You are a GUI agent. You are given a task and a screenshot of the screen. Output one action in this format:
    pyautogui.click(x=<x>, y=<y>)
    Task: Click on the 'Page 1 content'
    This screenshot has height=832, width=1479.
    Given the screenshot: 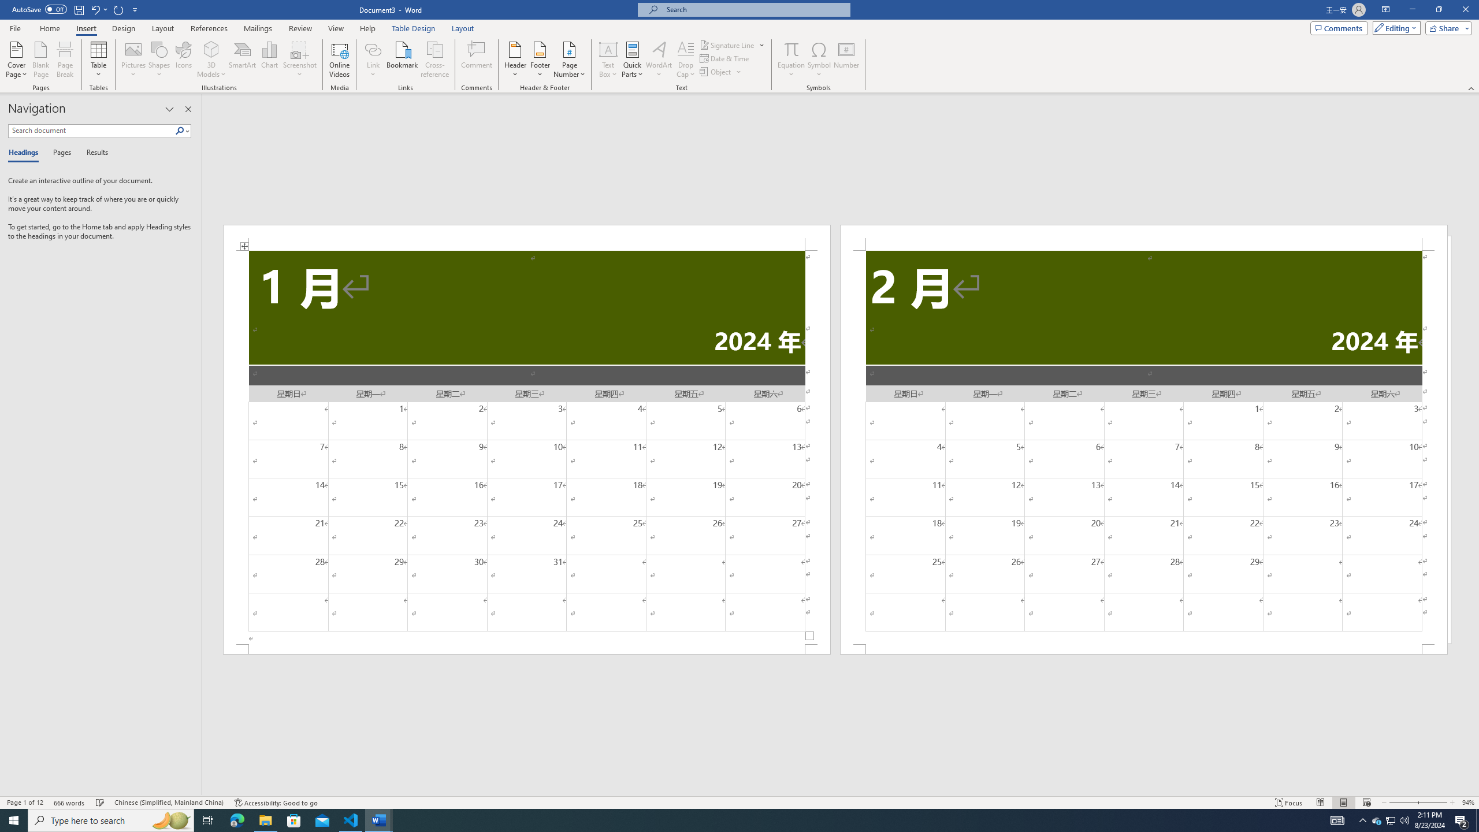 What is the action you would take?
    pyautogui.click(x=527, y=447)
    